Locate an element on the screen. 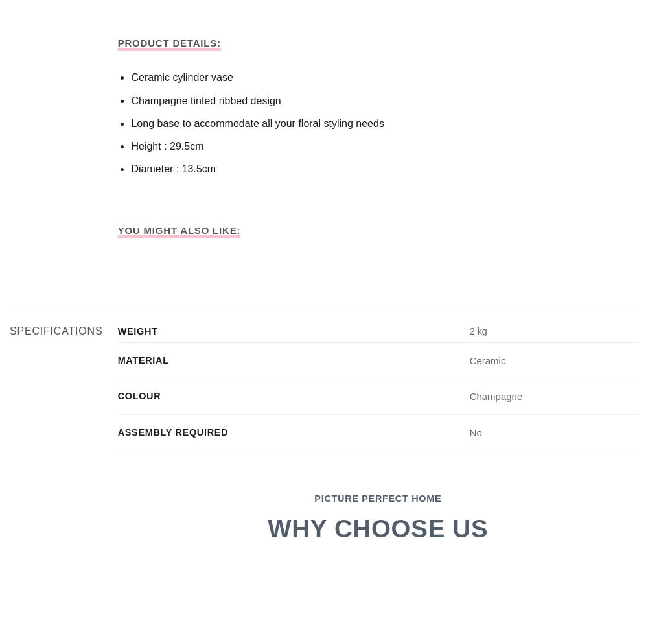 The image size is (648, 634). 'Picture Perfect Home' is located at coordinates (377, 497).